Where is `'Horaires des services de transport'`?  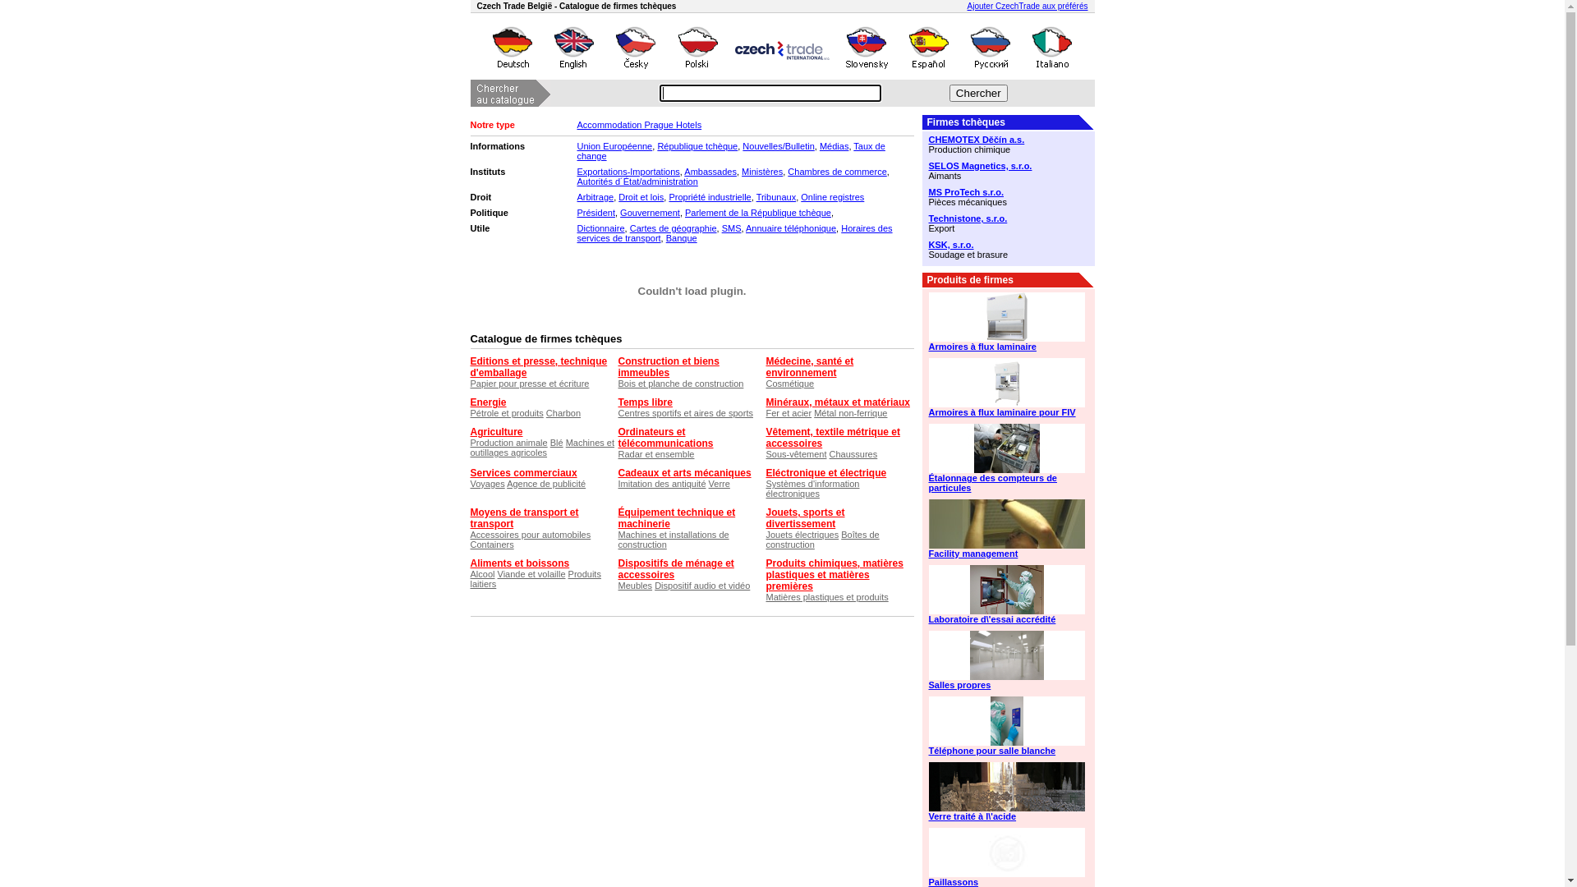
'Horaires des services de transport' is located at coordinates (733, 233).